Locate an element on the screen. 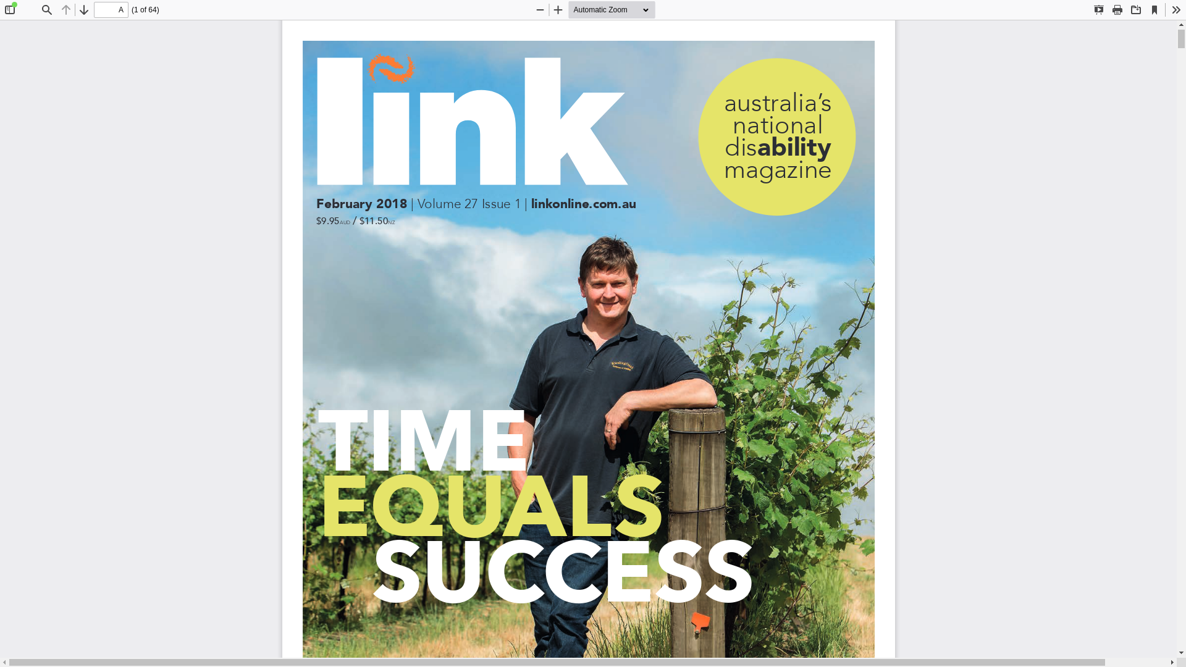 This screenshot has height=667, width=1186. 'Tools' is located at coordinates (1167, 9).